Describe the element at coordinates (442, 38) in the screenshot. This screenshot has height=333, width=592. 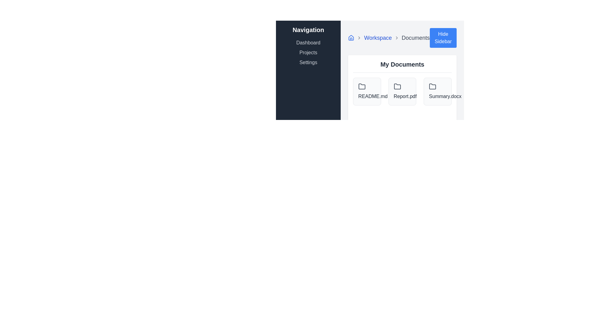
I see `the 'Hide Sidebar' button located in the top-right corner of the interface to hide the sidebar` at that location.